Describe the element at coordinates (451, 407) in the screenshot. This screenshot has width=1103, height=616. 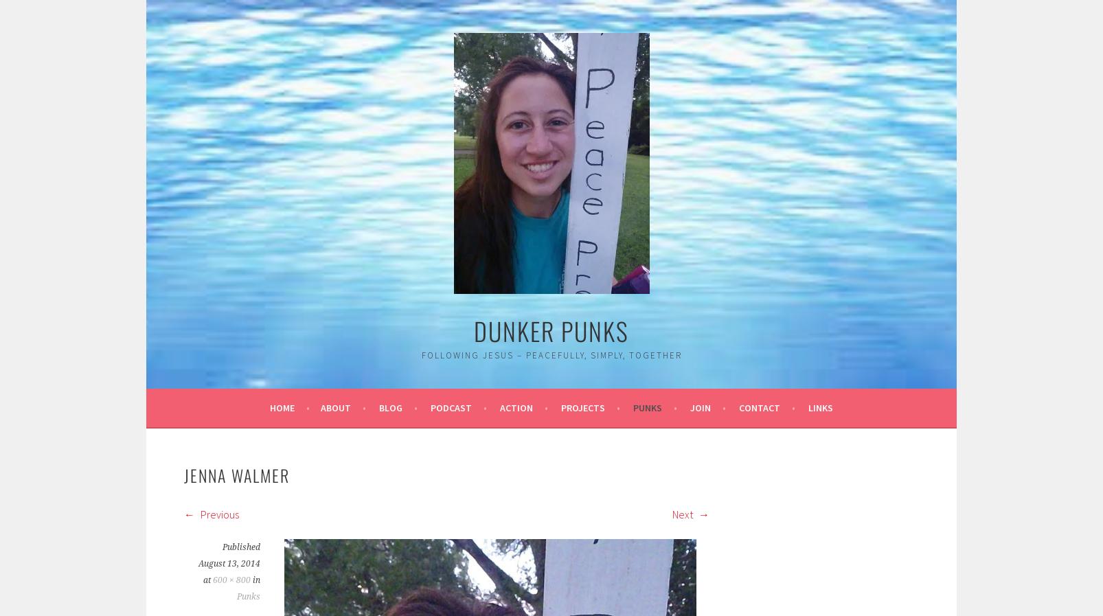
I see `'Podcast'` at that location.